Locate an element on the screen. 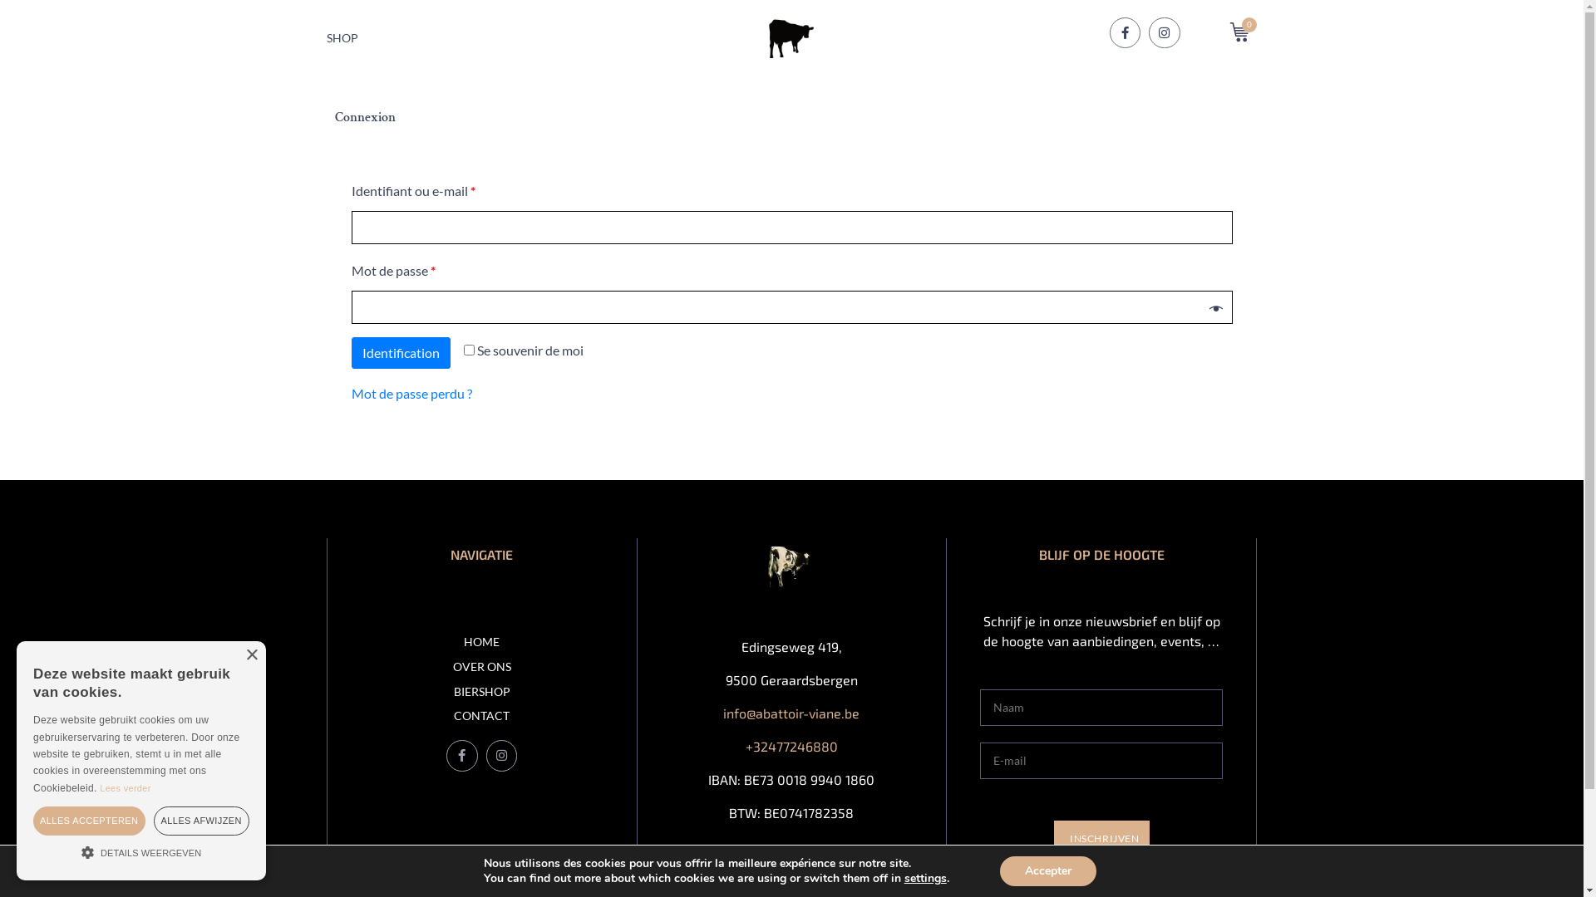 This screenshot has height=897, width=1596. 'SHOP' is located at coordinates (341, 37).